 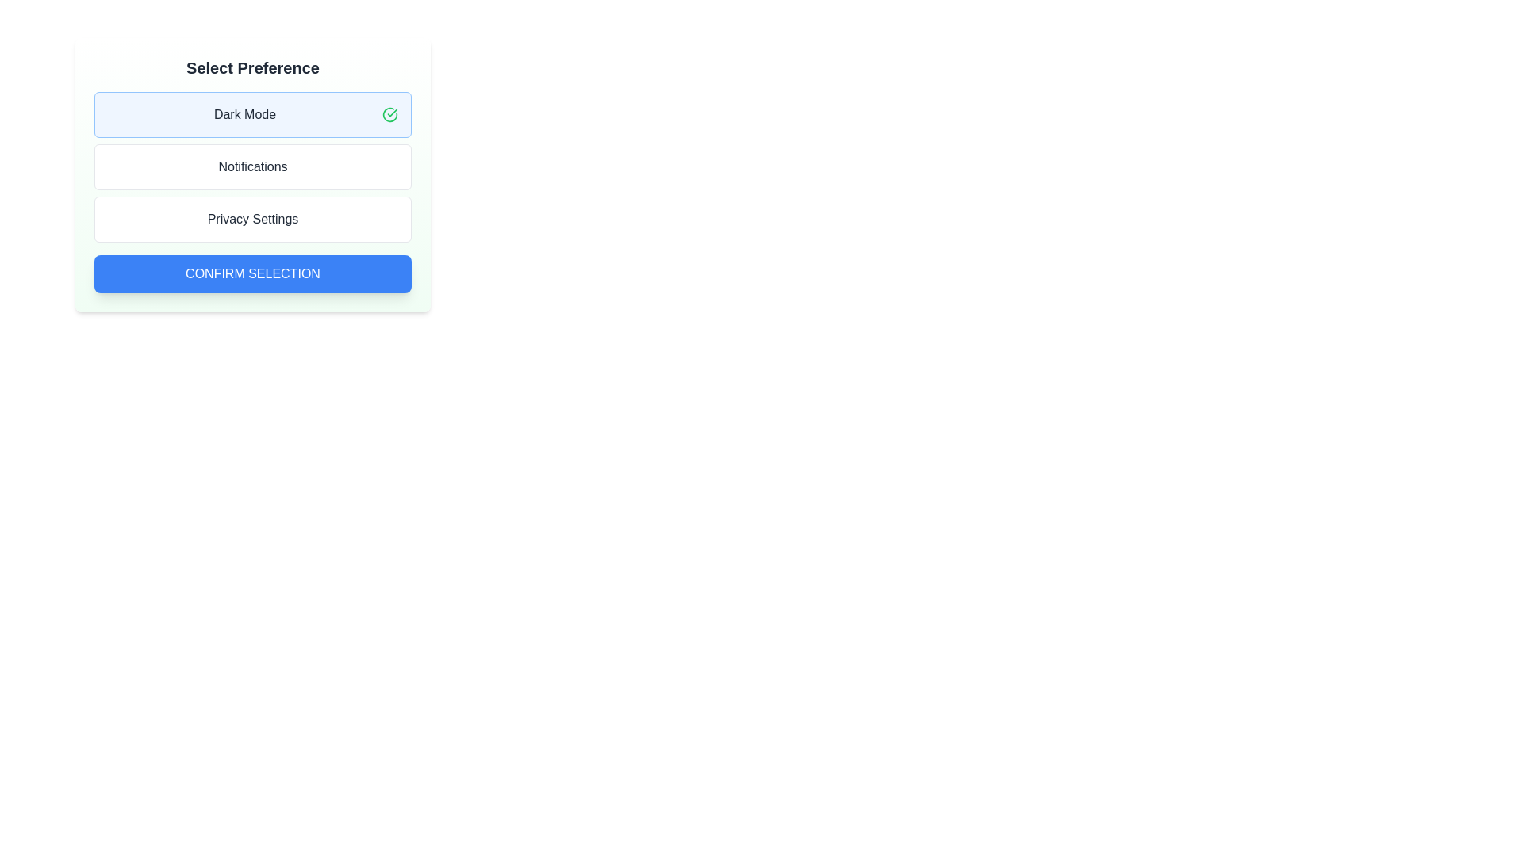 I want to click on the confirmation button located at the bottom of the 'Select Preference' dialog box, so click(x=251, y=273).